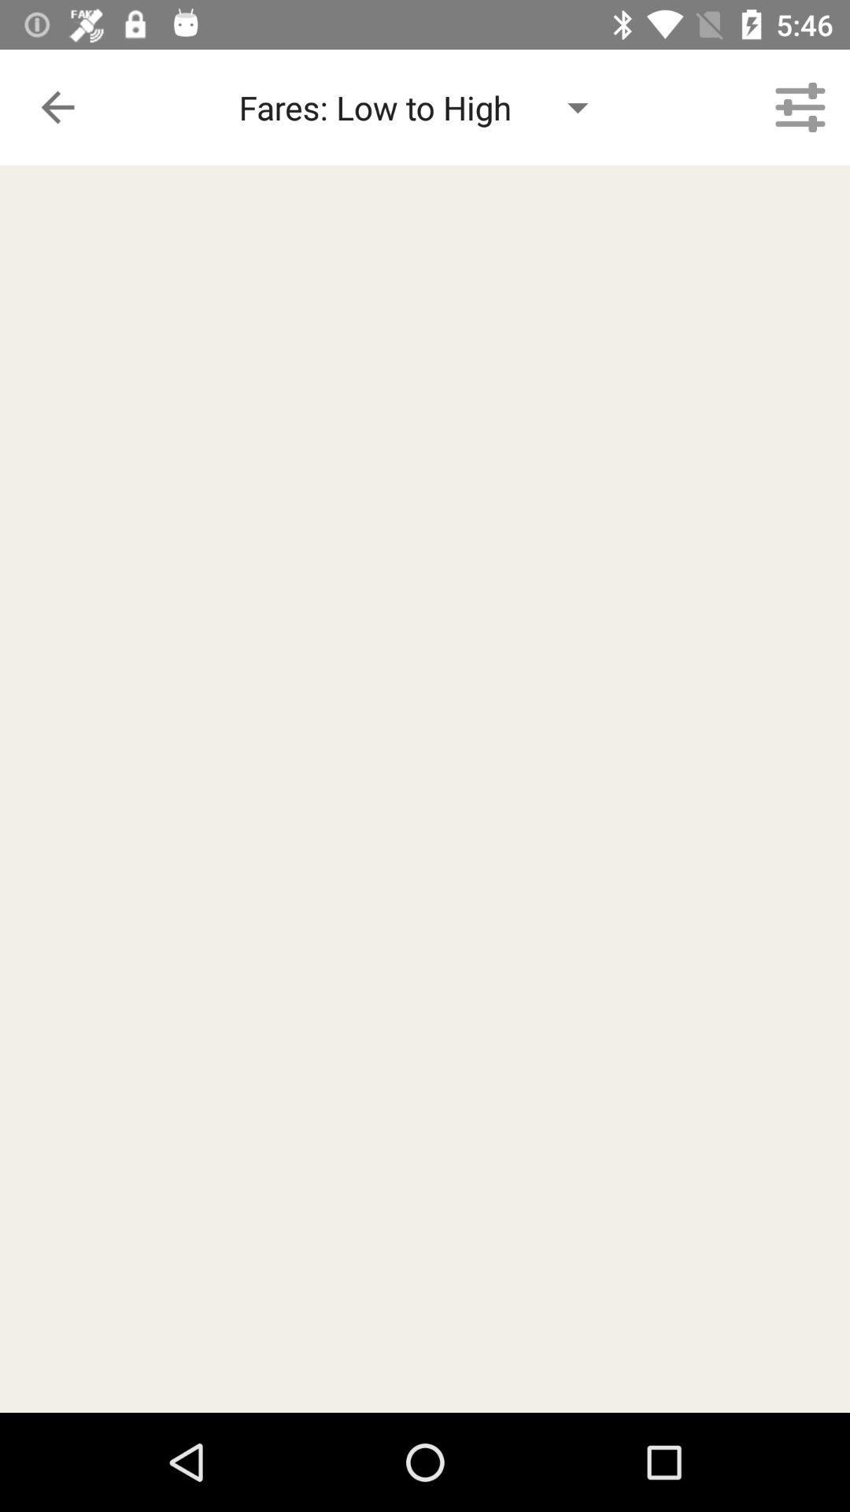 This screenshot has width=850, height=1512. I want to click on item to the left of the fares low to icon, so click(57, 106).